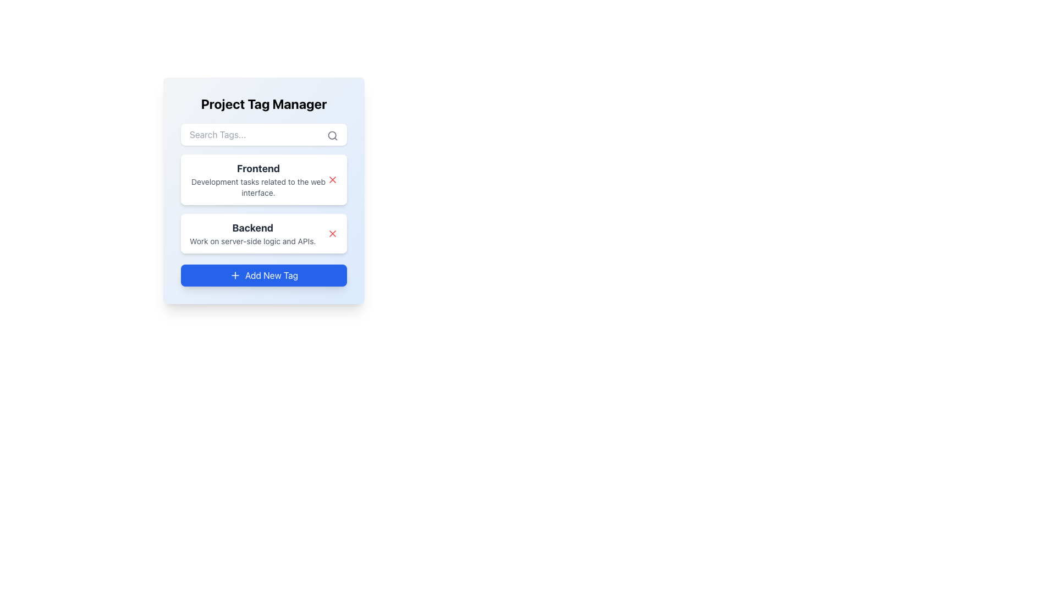 This screenshot has width=1056, height=594. Describe the element at coordinates (252, 241) in the screenshot. I see `text label that summarizes the responsibilities associated with 'Backend' in the context of managing project tags, located within the card structure titled 'Backend', below its heading and above a small icon` at that location.